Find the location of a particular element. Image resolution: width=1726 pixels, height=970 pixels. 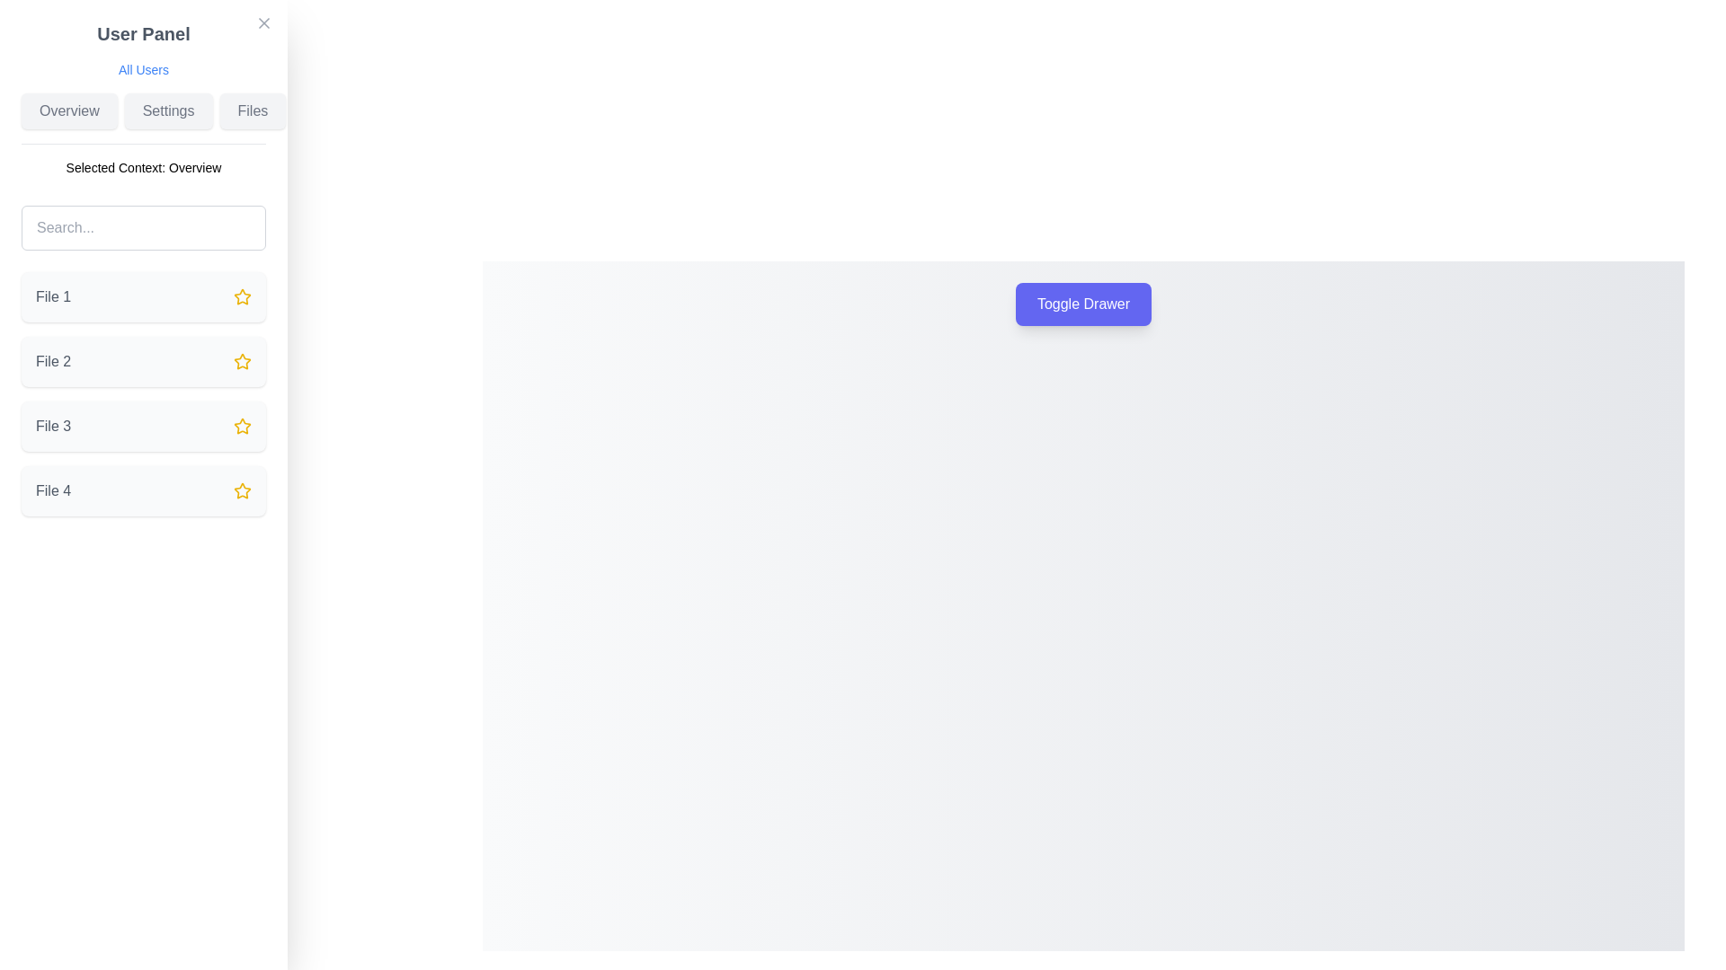

text content of the 'User Panel' section header located at the top of the vertical sidebar is located at coordinates (142, 34).